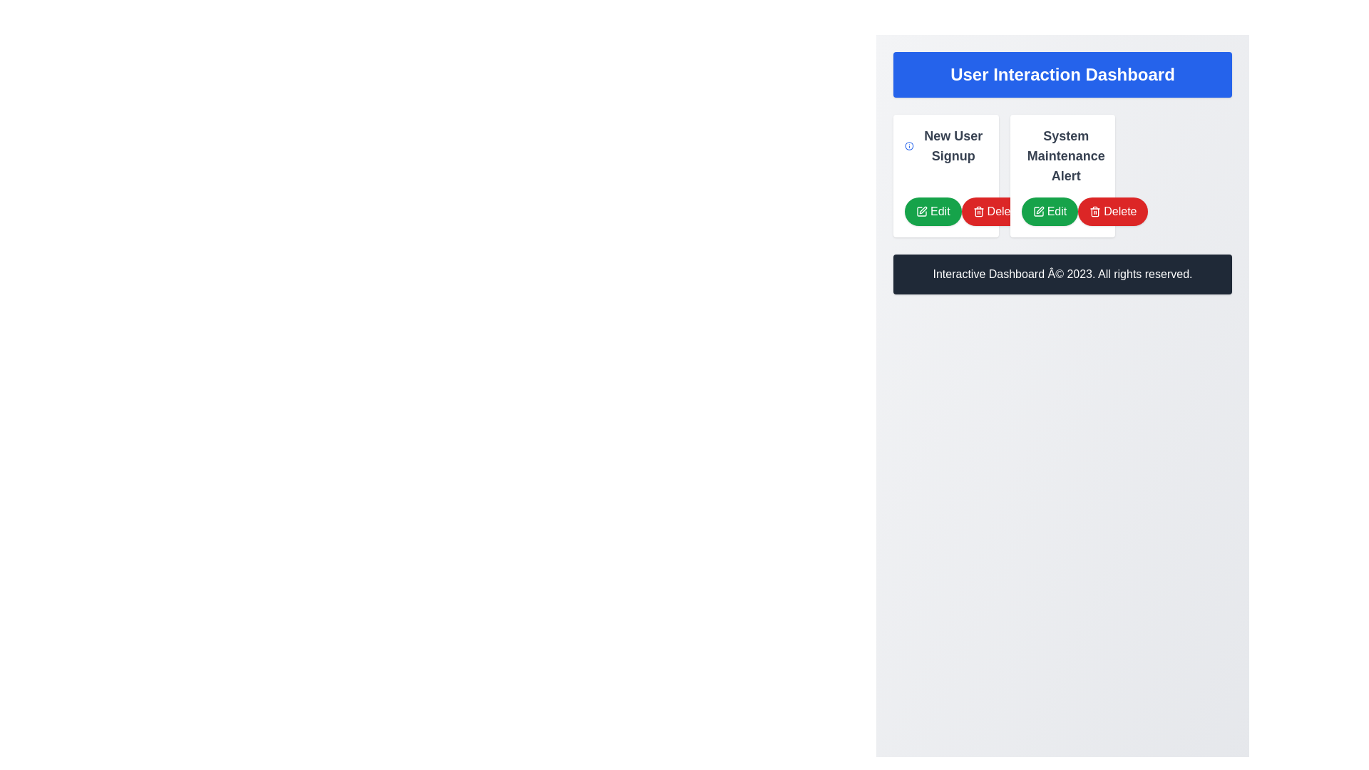 The width and height of the screenshot is (1369, 770). What do you see at coordinates (945, 212) in the screenshot?
I see `the green 'Edit' button with a pen icon located under the 'New User Signup' section of the 'User Interaction Dashboard' to initiate the edit action` at bounding box center [945, 212].